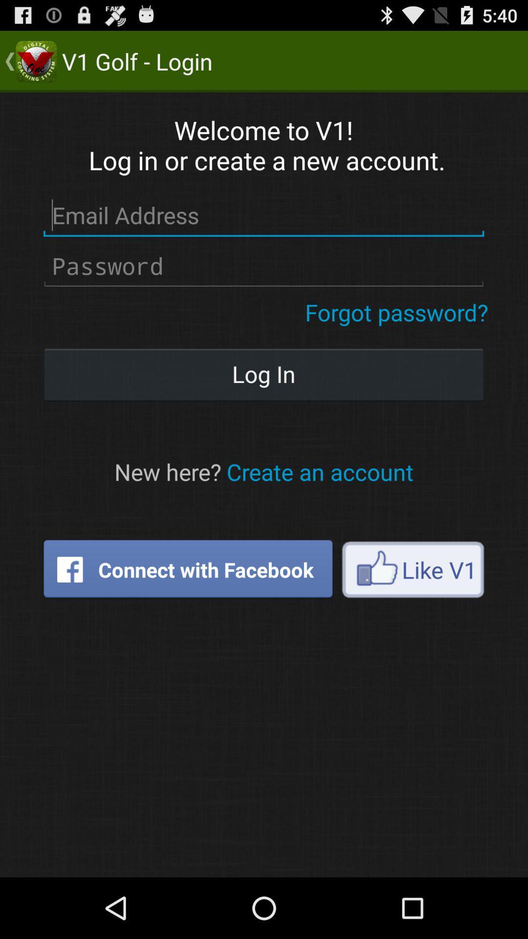 The height and width of the screenshot is (939, 528). I want to click on the icon below the new here? icon, so click(188, 569).